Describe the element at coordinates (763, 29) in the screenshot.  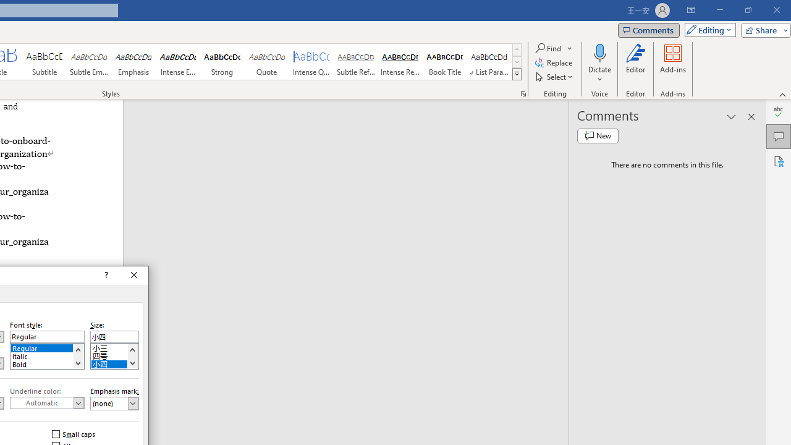
I see `'Share'` at that location.